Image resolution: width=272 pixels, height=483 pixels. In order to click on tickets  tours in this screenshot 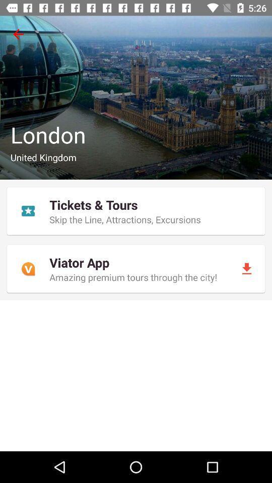, I will do `click(136, 211)`.